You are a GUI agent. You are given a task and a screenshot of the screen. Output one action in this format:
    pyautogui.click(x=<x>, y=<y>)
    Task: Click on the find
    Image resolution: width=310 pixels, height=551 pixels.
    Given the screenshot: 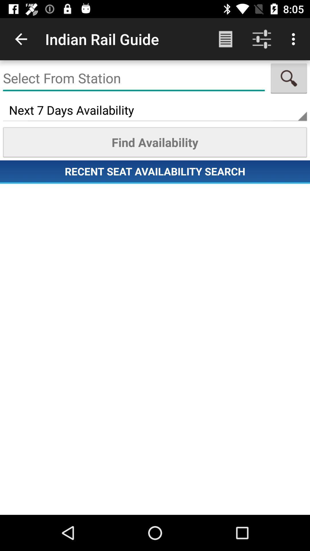 What is the action you would take?
    pyautogui.click(x=289, y=78)
    